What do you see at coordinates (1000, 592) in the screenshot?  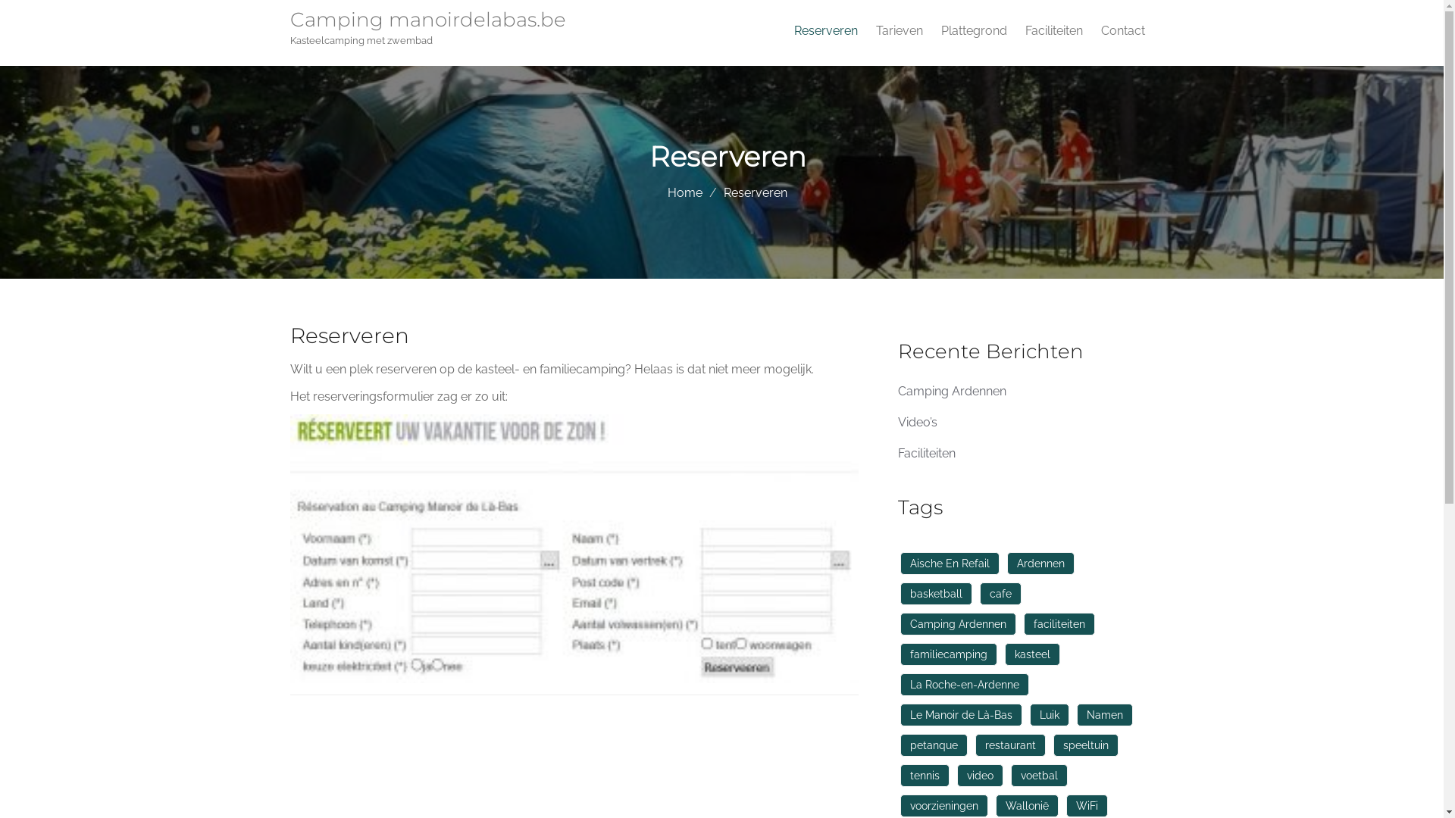 I see `'cafe'` at bounding box center [1000, 592].